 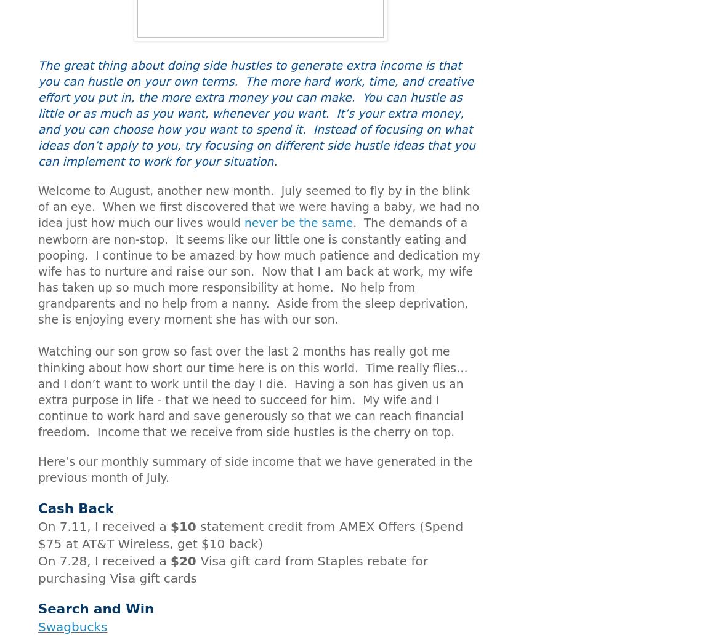 What do you see at coordinates (259, 262) in the screenshot?
I see `'I continue to be amazed by how much patience and dedication my wife has
to nurture and raise our son.'` at bounding box center [259, 262].